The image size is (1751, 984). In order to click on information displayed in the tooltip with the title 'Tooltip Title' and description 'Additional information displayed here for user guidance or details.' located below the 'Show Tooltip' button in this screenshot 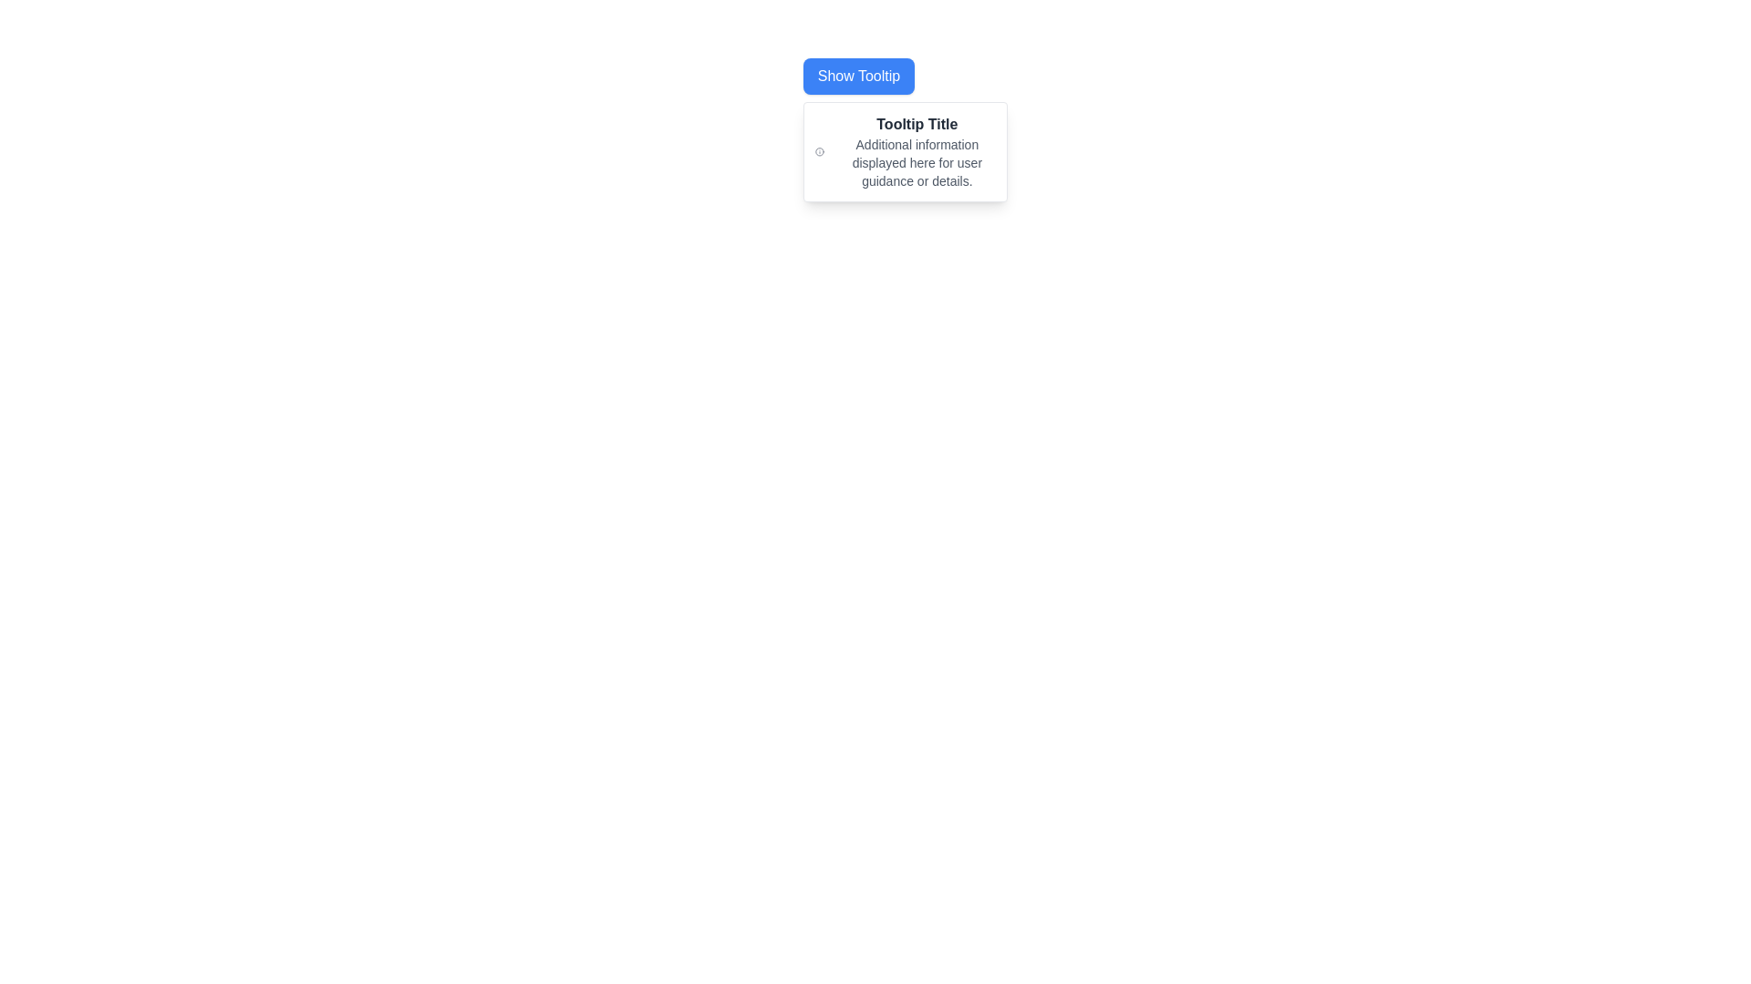, I will do `click(905, 150)`.